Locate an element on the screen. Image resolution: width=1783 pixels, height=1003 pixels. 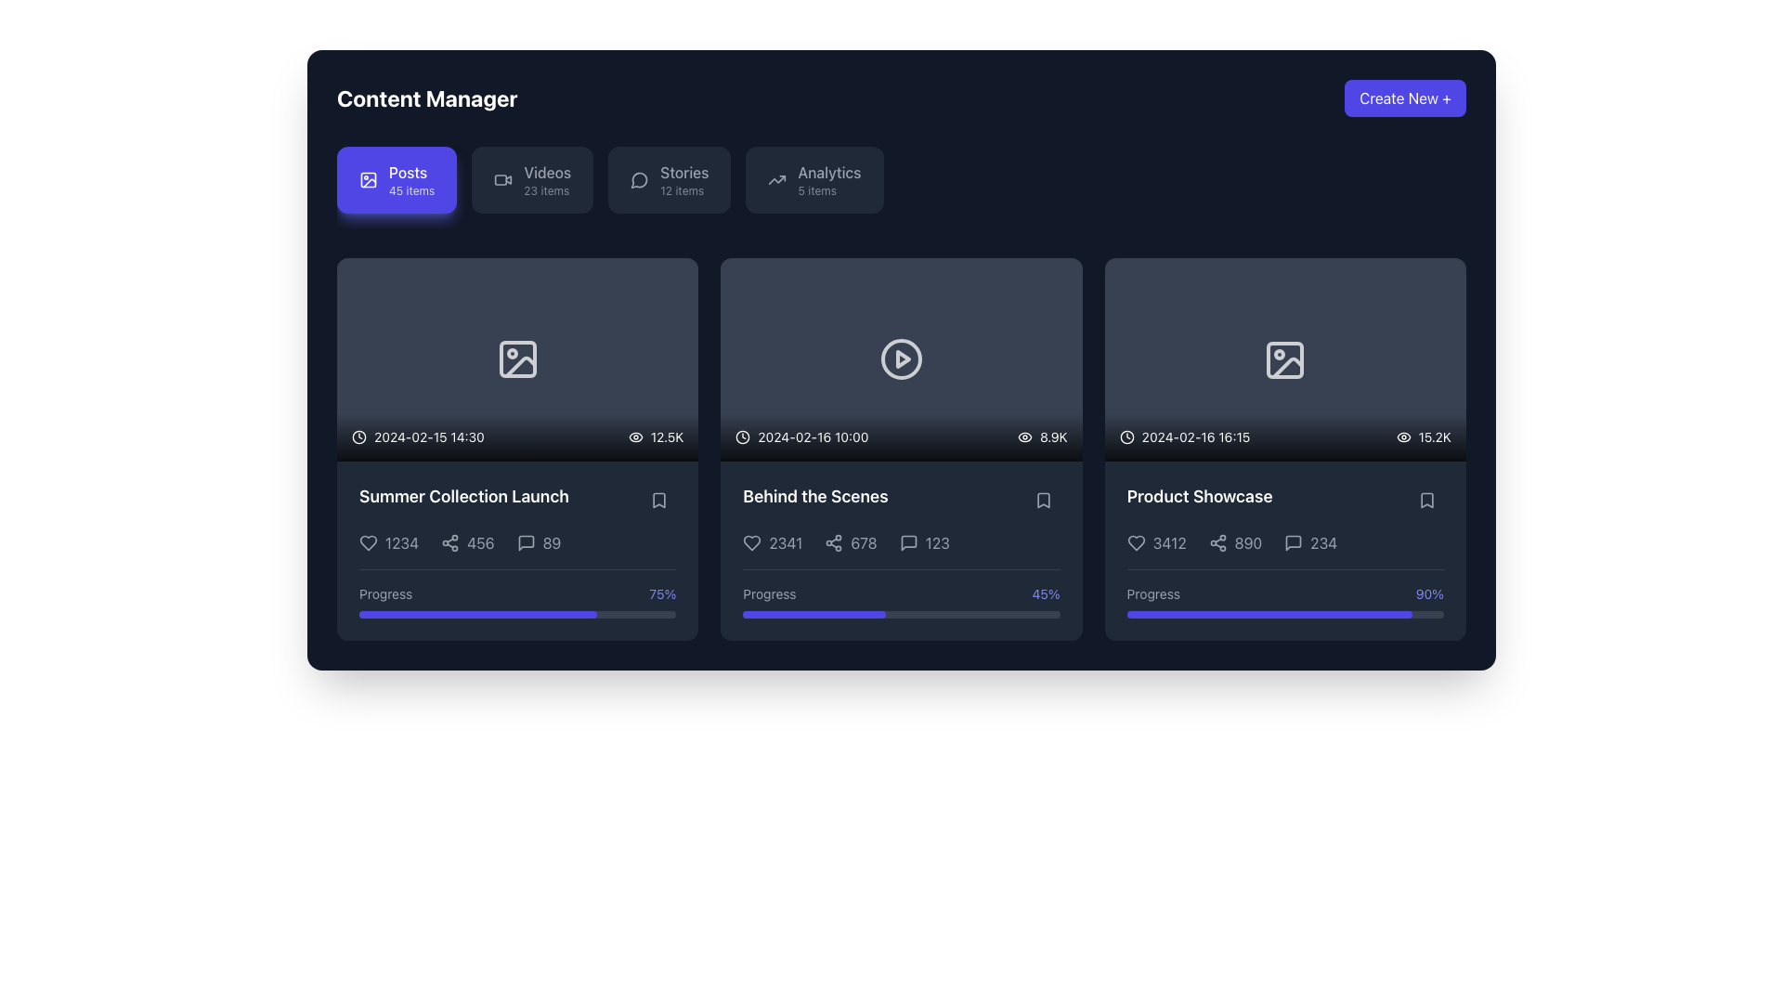
the 'like' icon located in the lower part of the 'Summer Collection Launch' content card is located at coordinates (369, 541).